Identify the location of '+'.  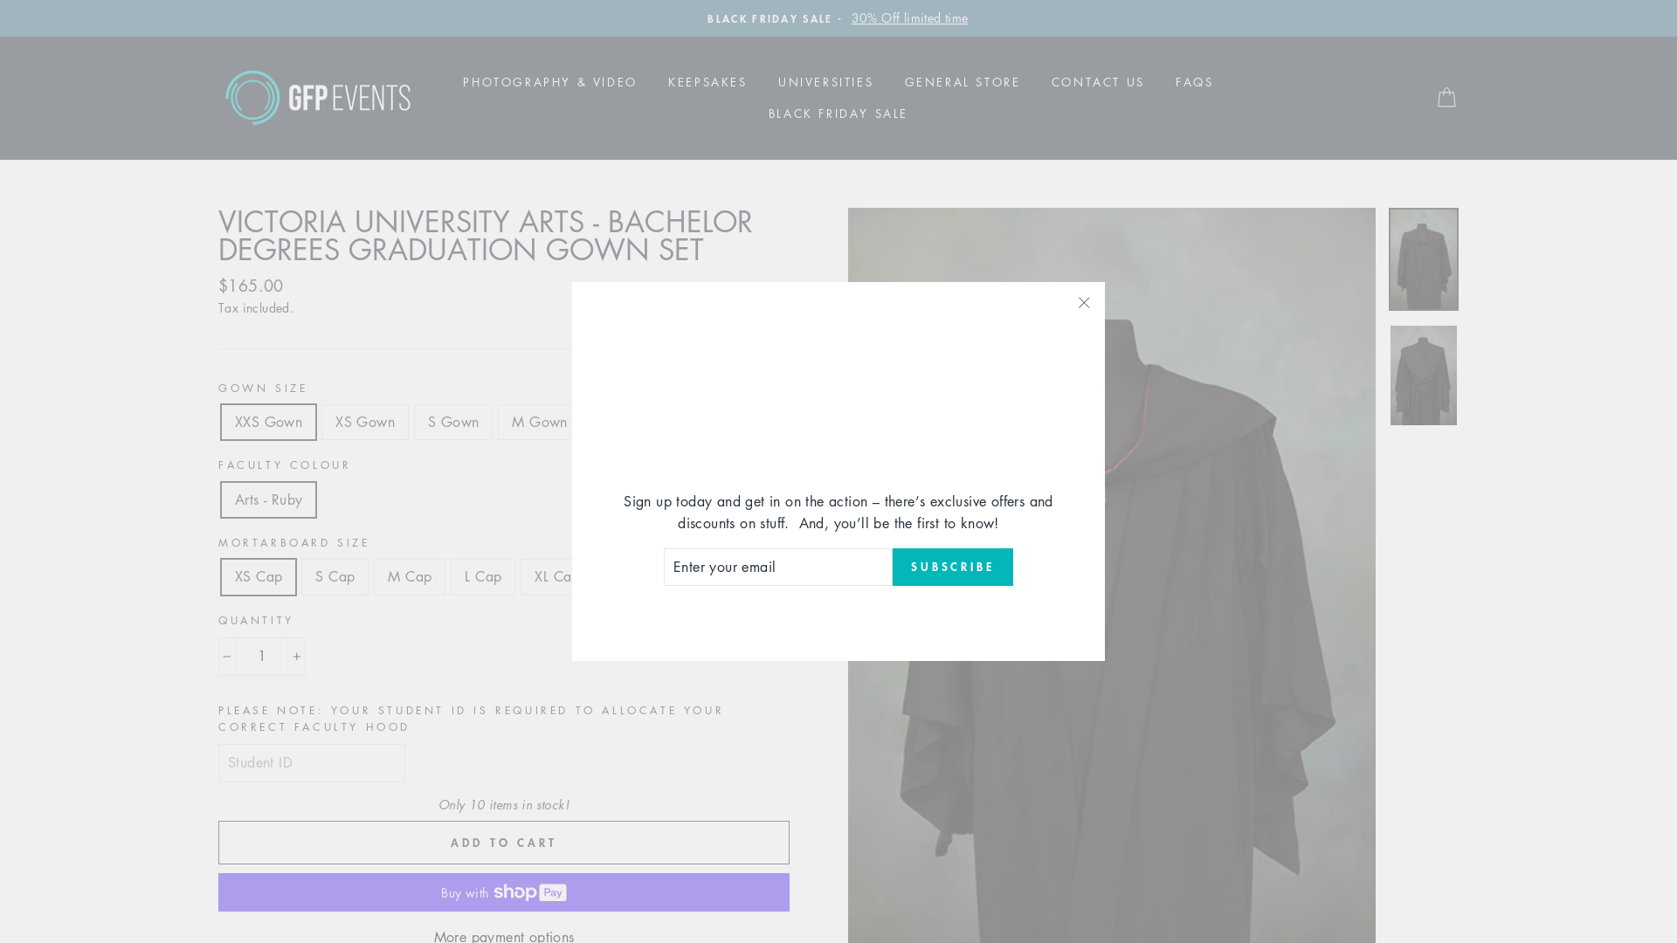
(287, 657).